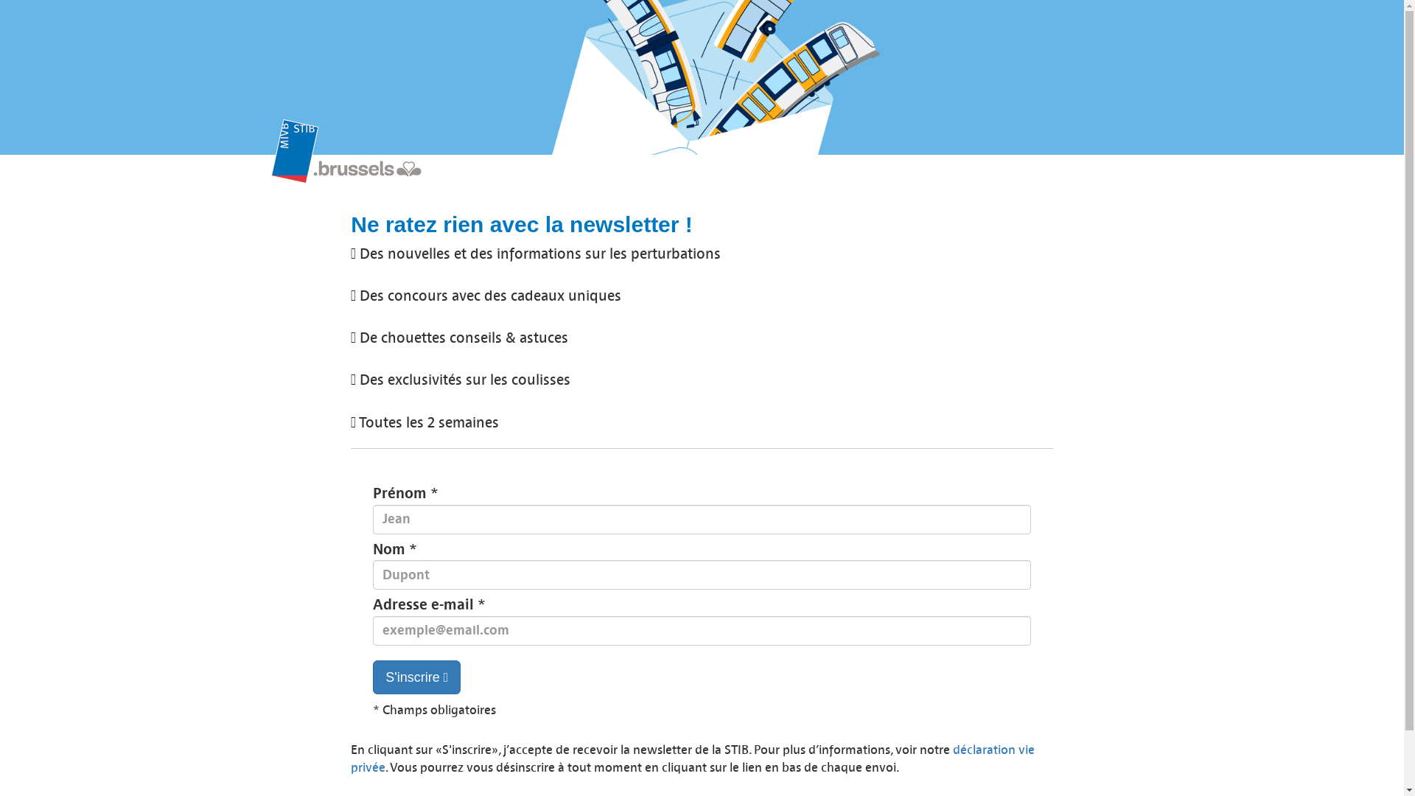 The image size is (1415, 796). I want to click on 'STIB/MIVB', so click(271, 158).